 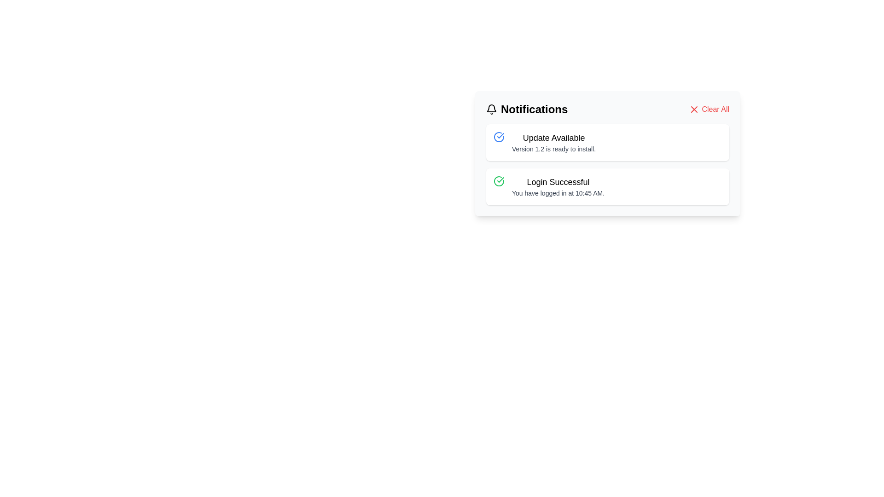 I want to click on the bell icon located in the 'Notifications' header section, positioned to the left of the 'Notifications' text, so click(x=491, y=109).